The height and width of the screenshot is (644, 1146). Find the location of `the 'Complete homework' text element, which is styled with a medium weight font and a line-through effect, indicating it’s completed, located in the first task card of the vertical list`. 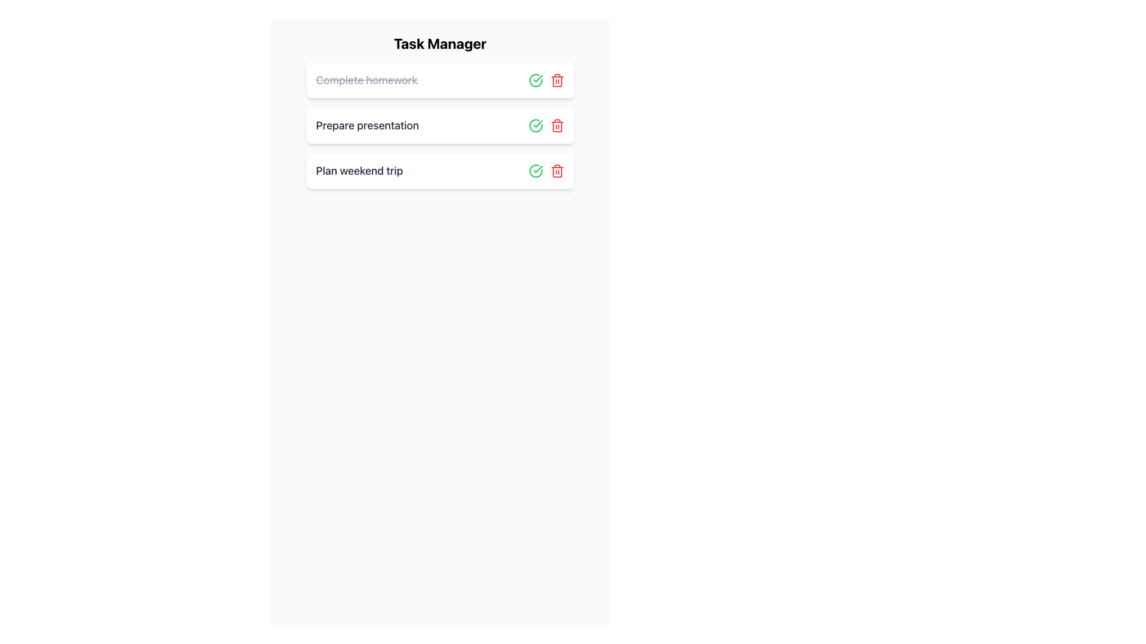

the 'Complete homework' text element, which is styled with a medium weight font and a line-through effect, indicating it’s completed, located in the first task card of the vertical list is located at coordinates (366, 80).